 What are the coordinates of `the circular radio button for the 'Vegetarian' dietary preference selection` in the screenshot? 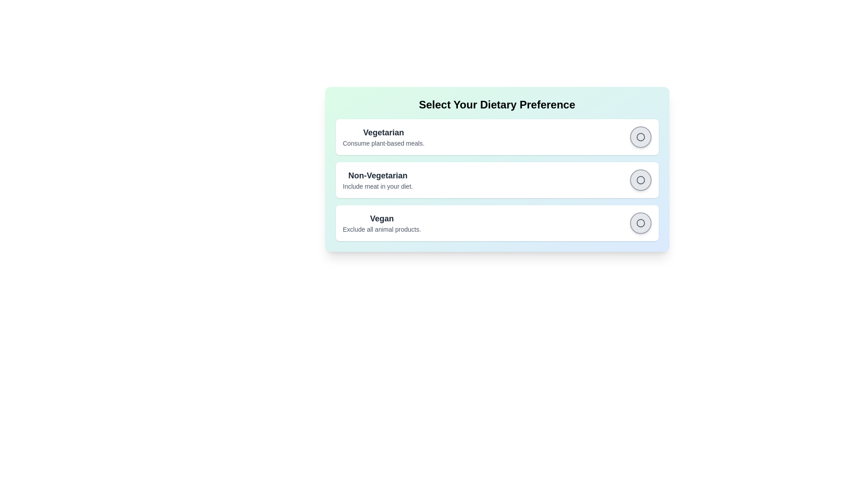 It's located at (640, 137).